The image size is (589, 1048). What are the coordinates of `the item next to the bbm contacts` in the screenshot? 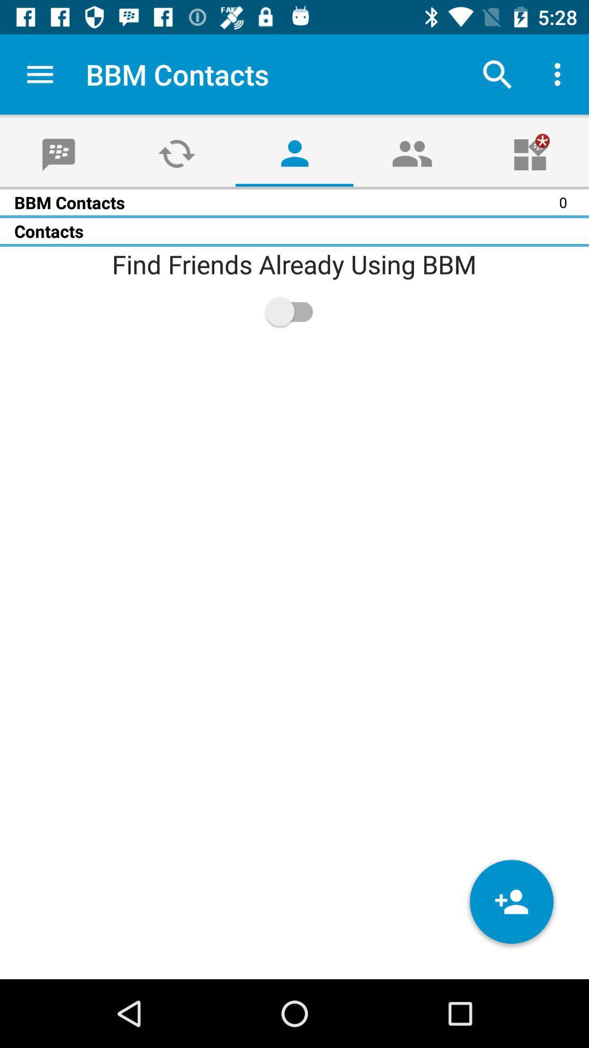 It's located at (39, 74).